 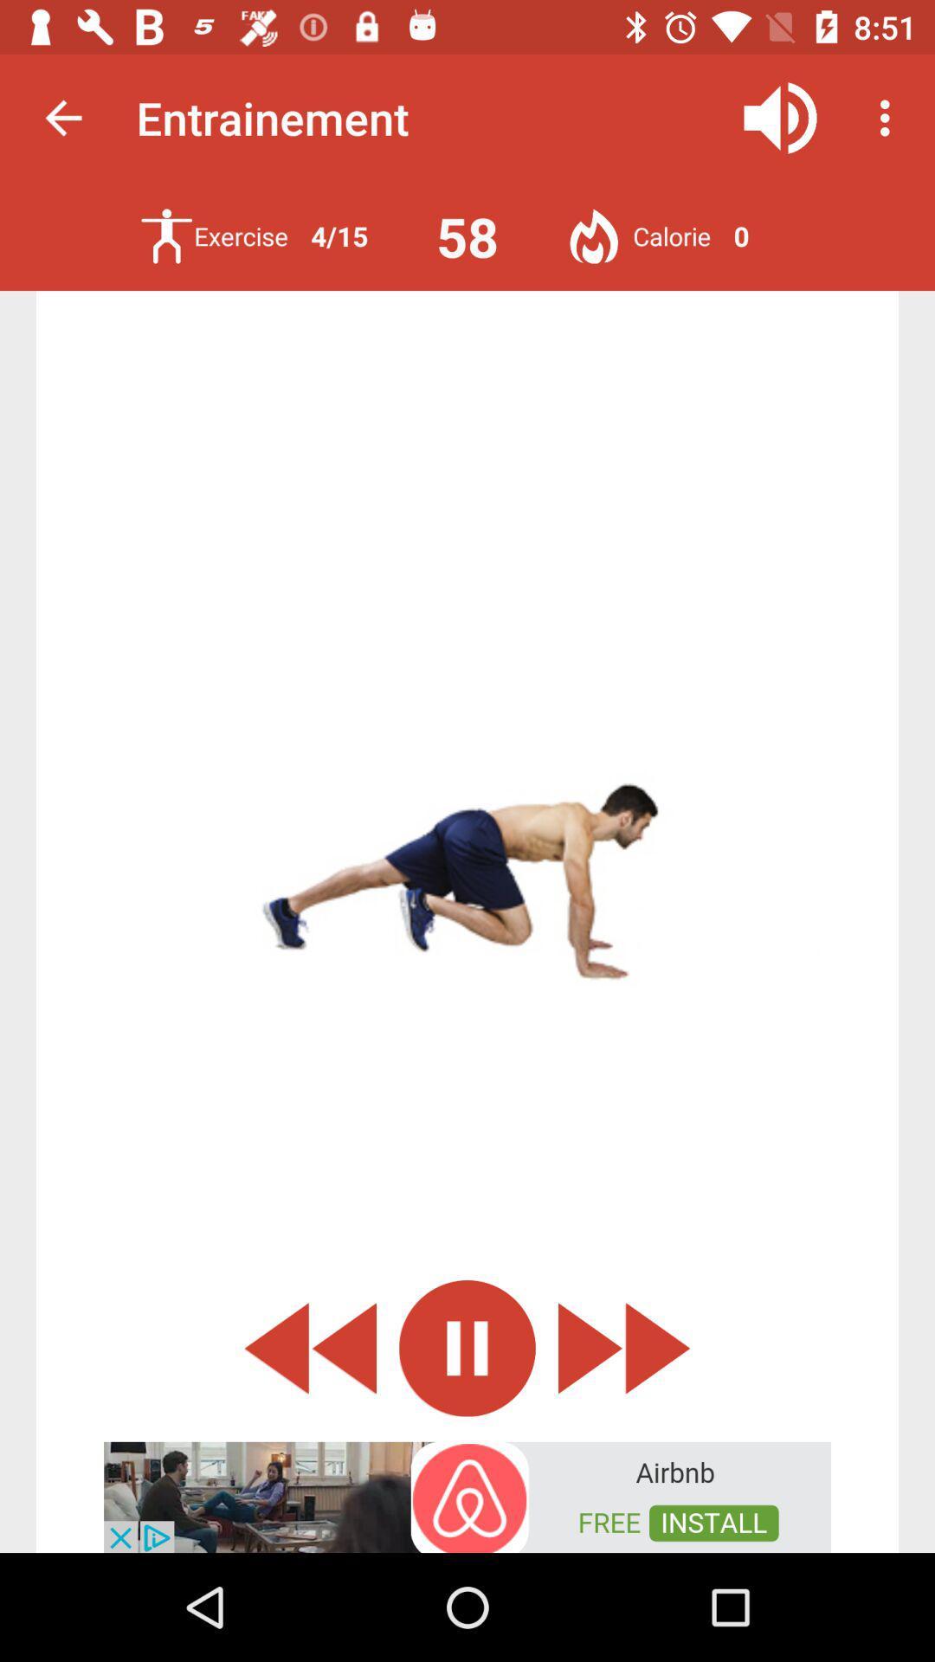 What do you see at coordinates (309, 1347) in the screenshot?
I see `previous` at bounding box center [309, 1347].